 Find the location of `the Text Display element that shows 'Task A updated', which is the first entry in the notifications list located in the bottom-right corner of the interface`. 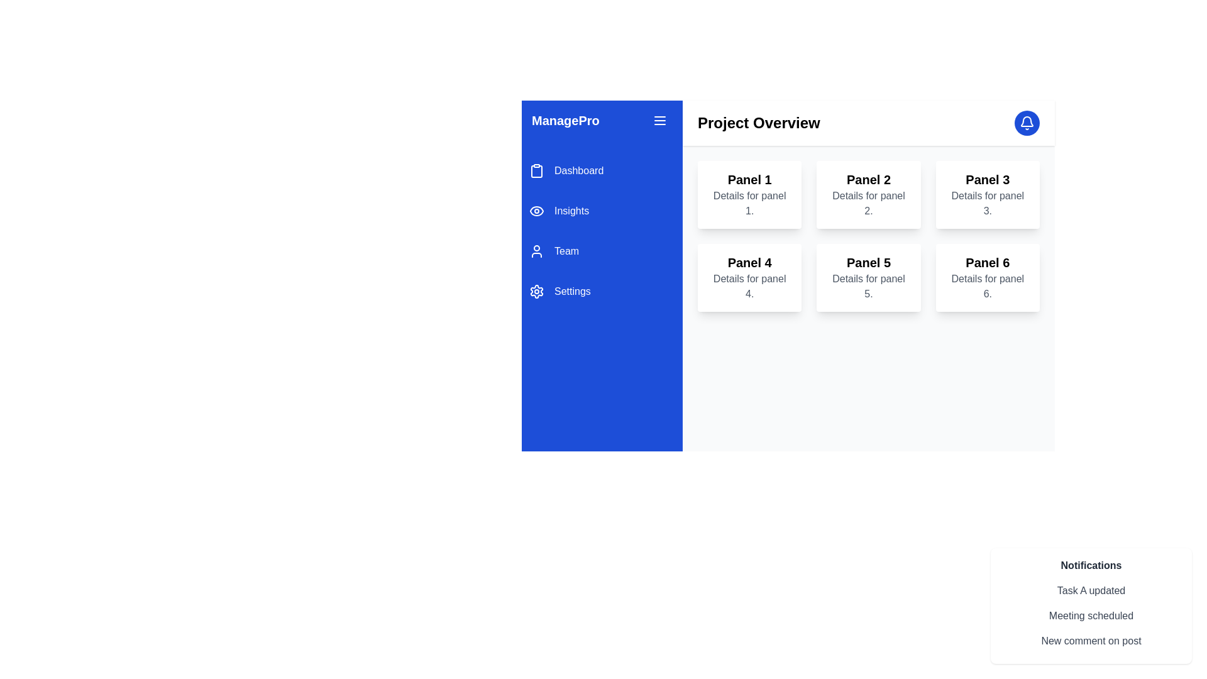

the Text Display element that shows 'Task A updated', which is the first entry in the notifications list located in the bottom-right corner of the interface is located at coordinates (1091, 591).